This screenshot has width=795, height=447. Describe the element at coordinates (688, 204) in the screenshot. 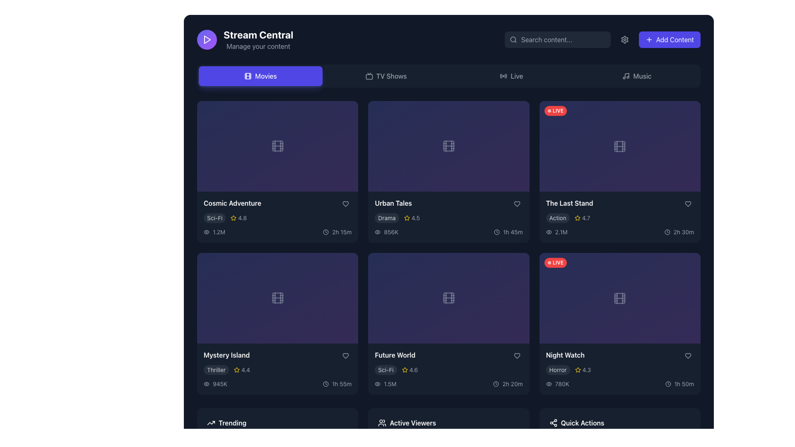

I see `the favorite icon in the top-right corner of the card for 'The Last Stand' to like or favorite the item` at that location.